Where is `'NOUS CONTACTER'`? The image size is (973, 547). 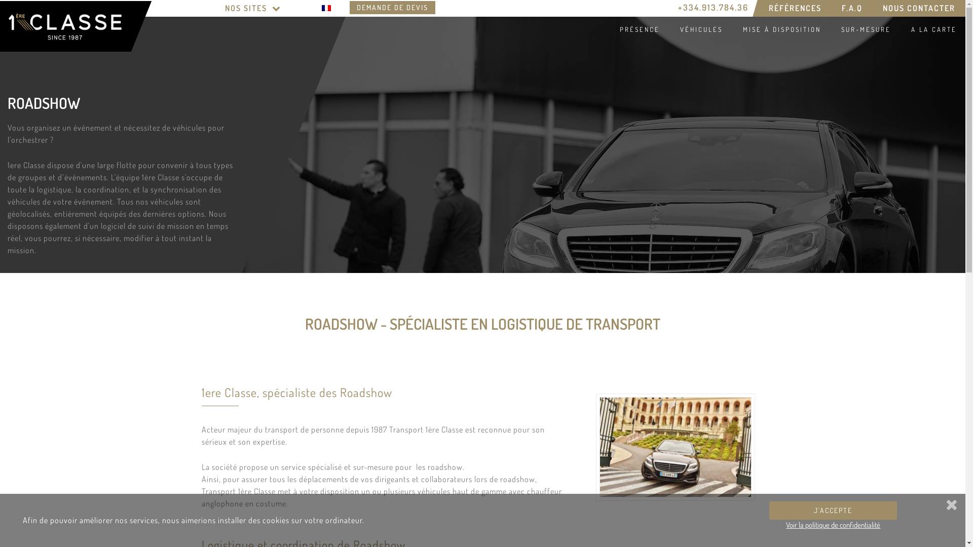 'NOUS CONTACTER' is located at coordinates (919, 8).